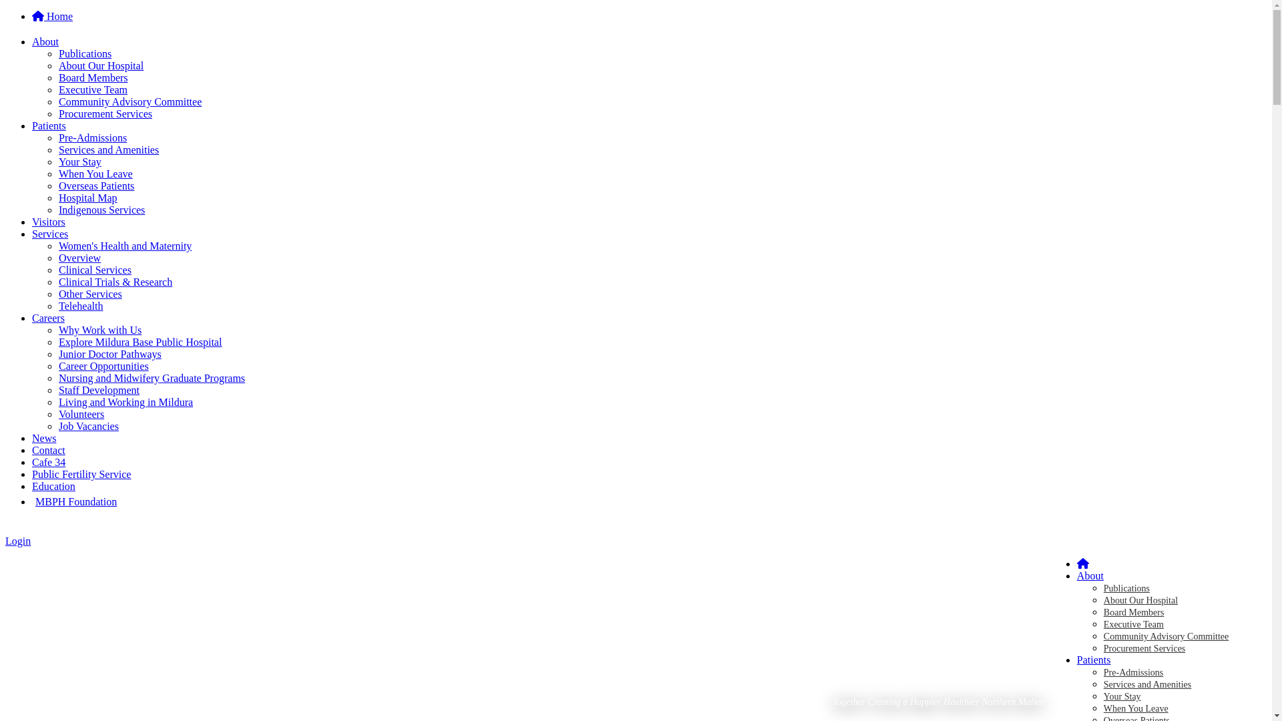 This screenshot has height=721, width=1282. What do you see at coordinates (1133, 624) in the screenshot?
I see `'Executive Team'` at bounding box center [1133, 624].